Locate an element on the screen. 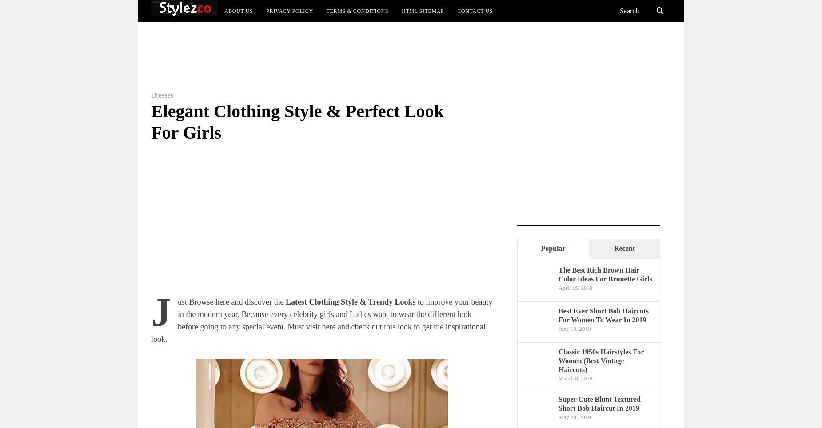  'Long Hairstyles' is located at coordinates (209, 36).